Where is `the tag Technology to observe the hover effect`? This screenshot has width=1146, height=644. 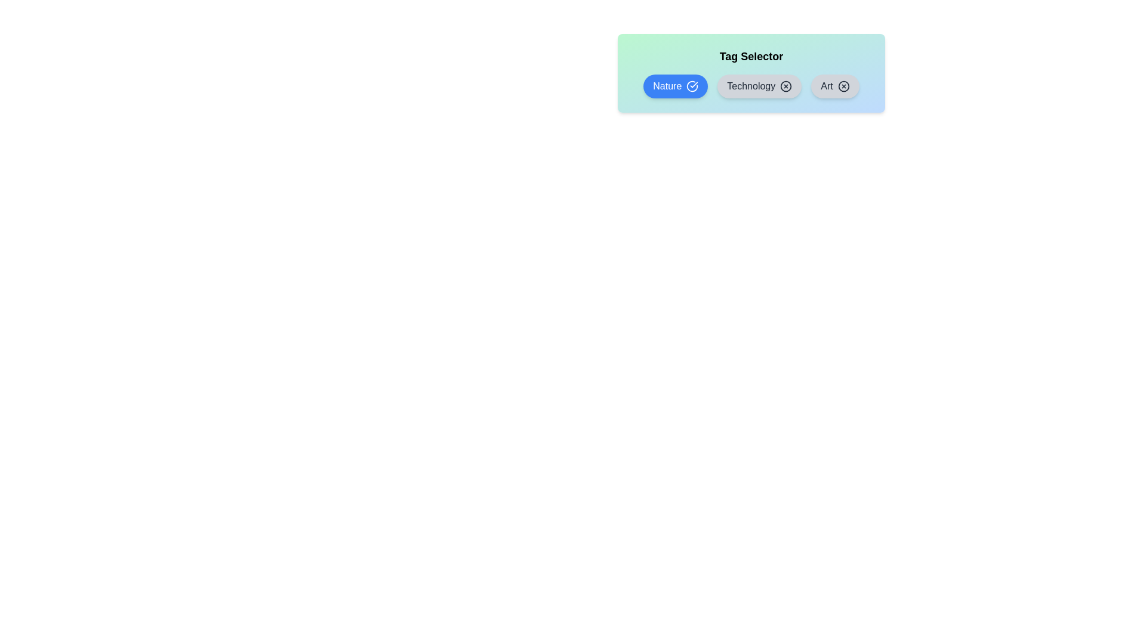
the tag Technology to observe the hover effect is located at coordinates (759, 86).